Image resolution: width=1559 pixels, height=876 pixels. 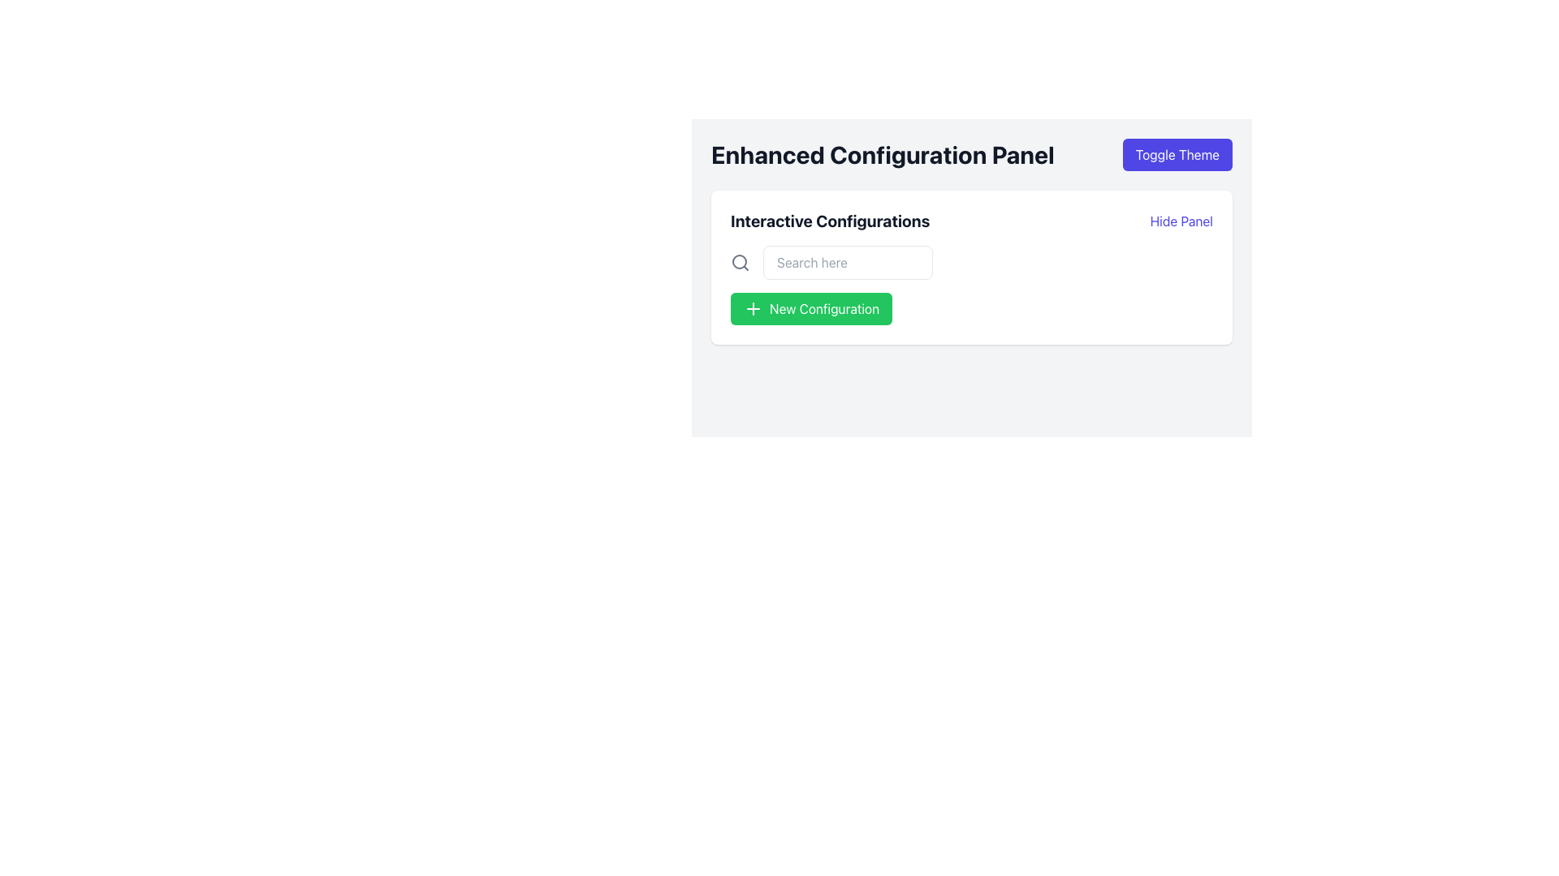 What do you see at coordinates (739, 261) in the screenshot?
I see `the circular magnifying glass icon located to the left of the 'Search here' text input box` at bounding box center [739, 261].